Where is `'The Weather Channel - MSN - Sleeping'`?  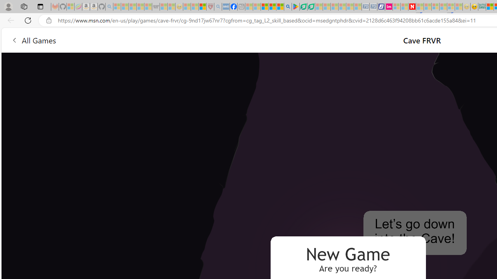 'The Weather Channel - MSN - Sleeping' is located at coordinates (132, 7).